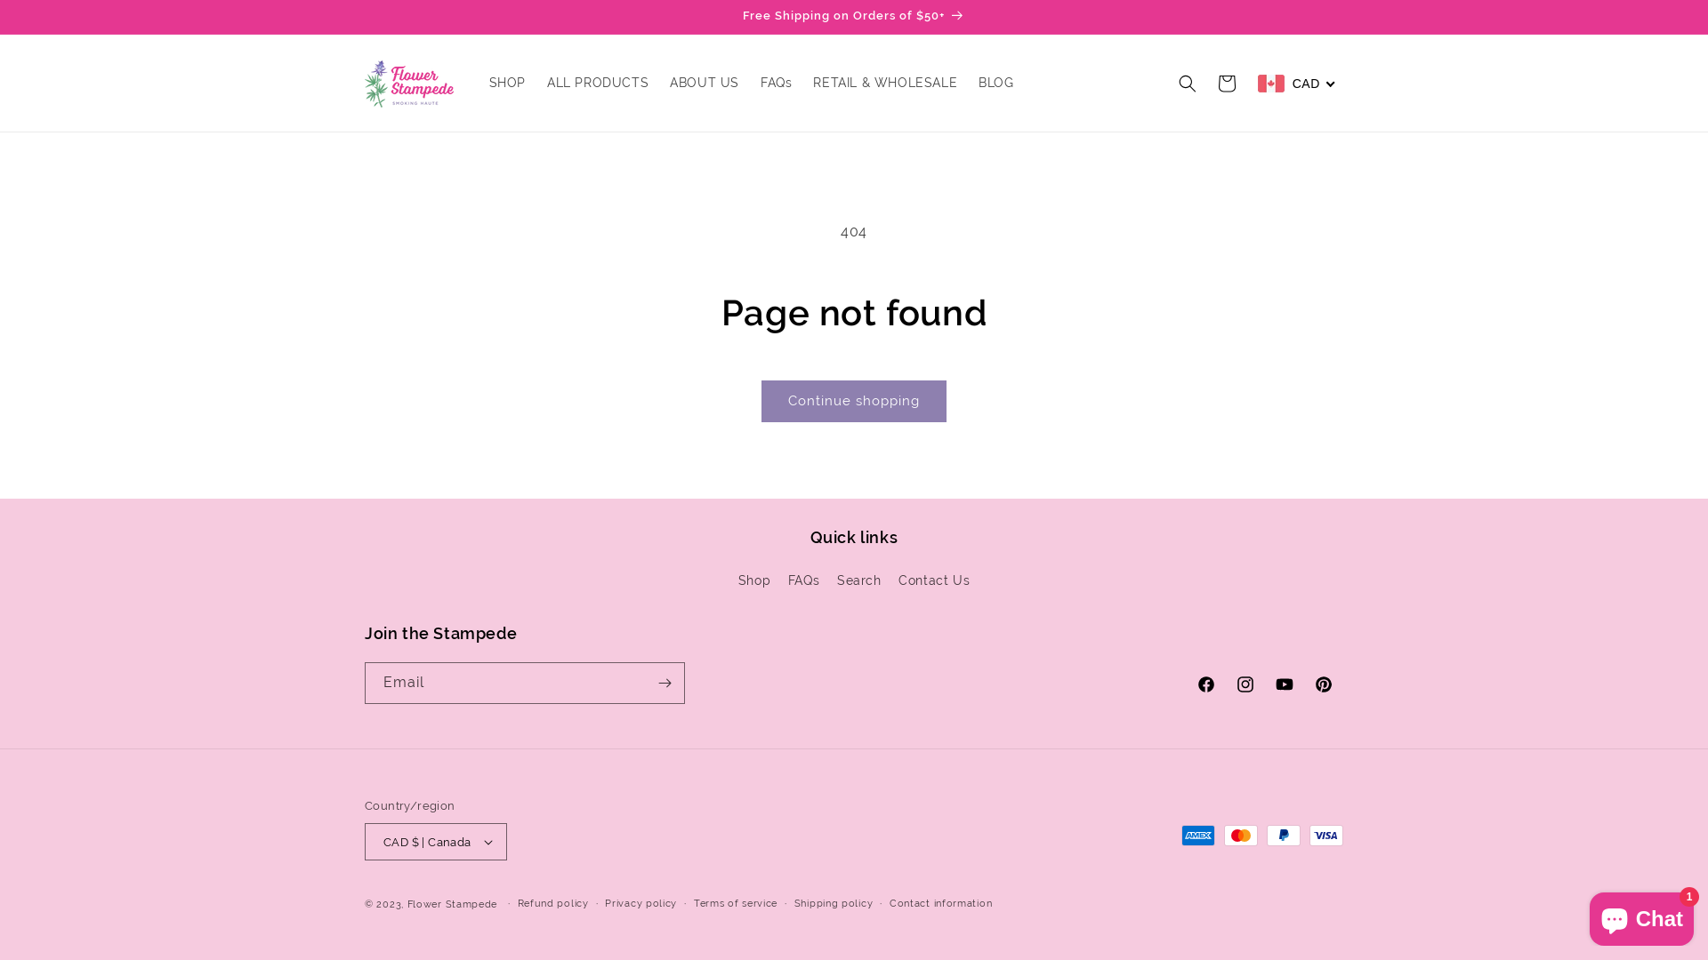  Describe the element at coordinates (406, 904) in the screenshot. I see `'Flower Stampede'` at that location.